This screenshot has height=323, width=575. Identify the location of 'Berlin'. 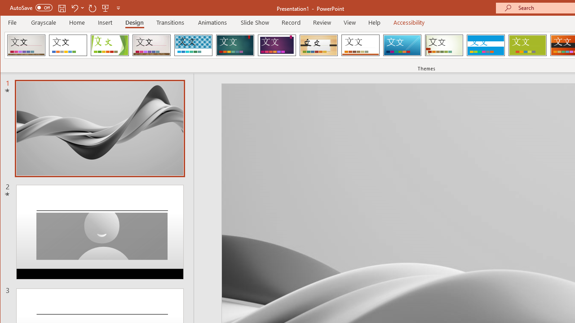
(26, 45).